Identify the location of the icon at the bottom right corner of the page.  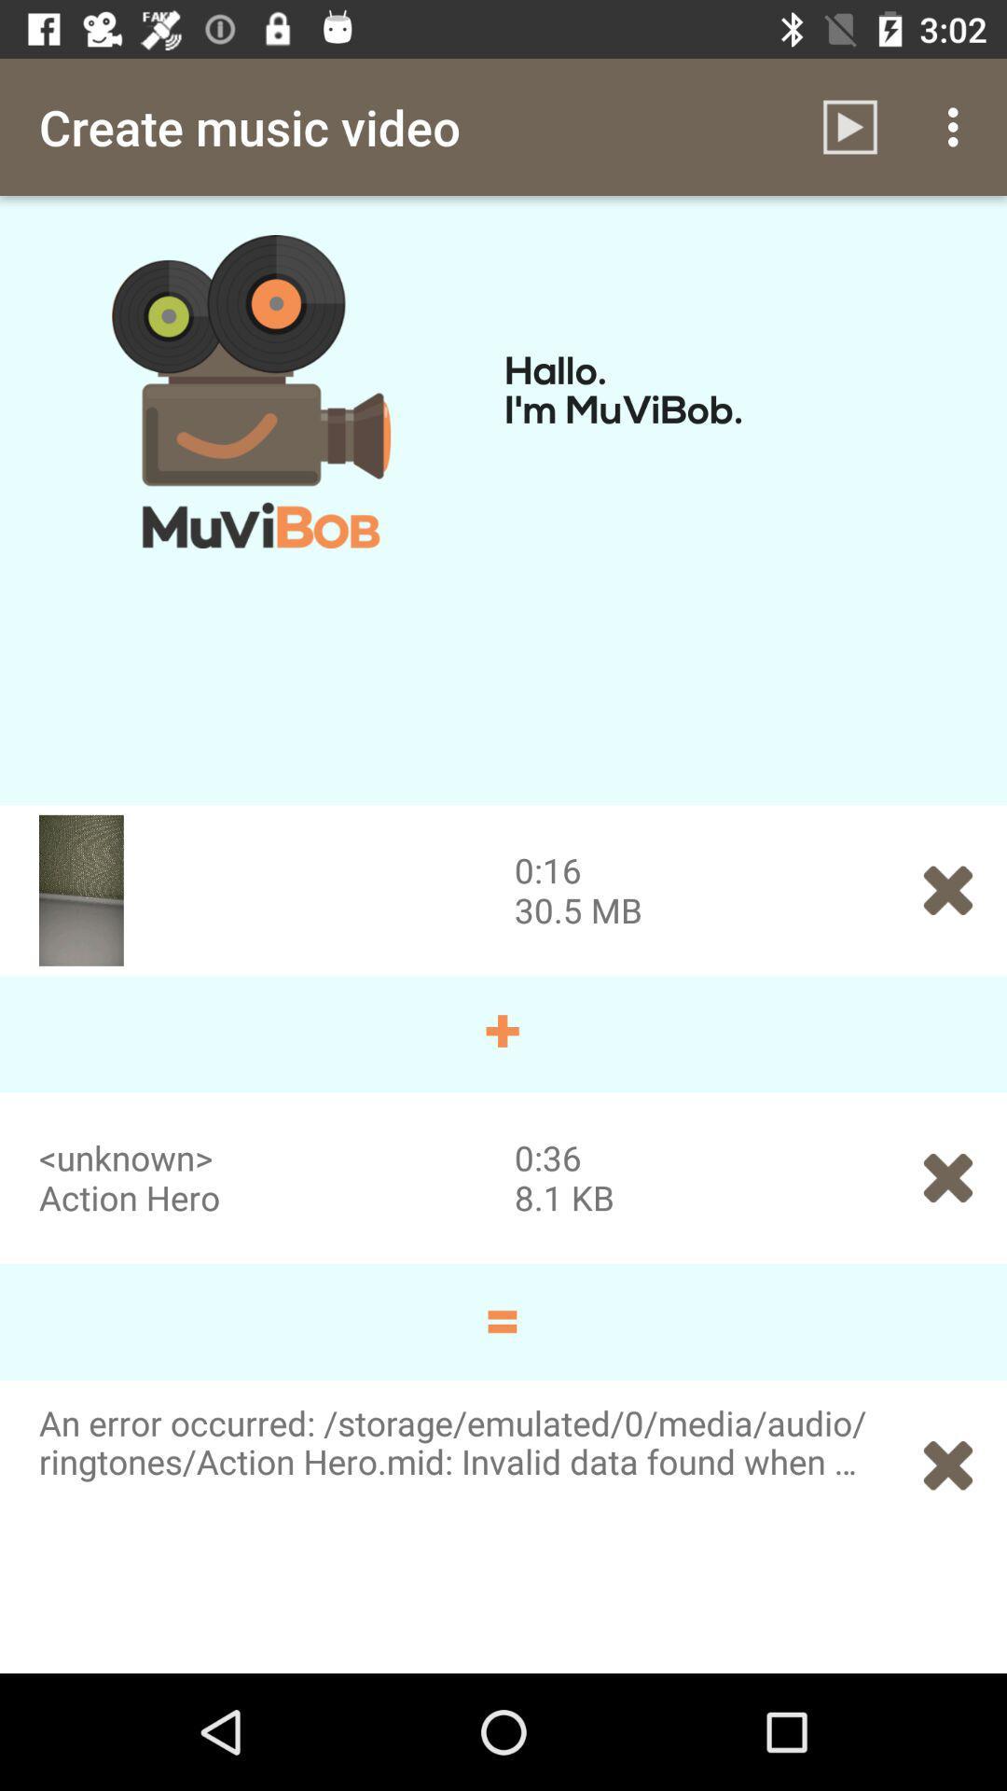
(948, 1465).